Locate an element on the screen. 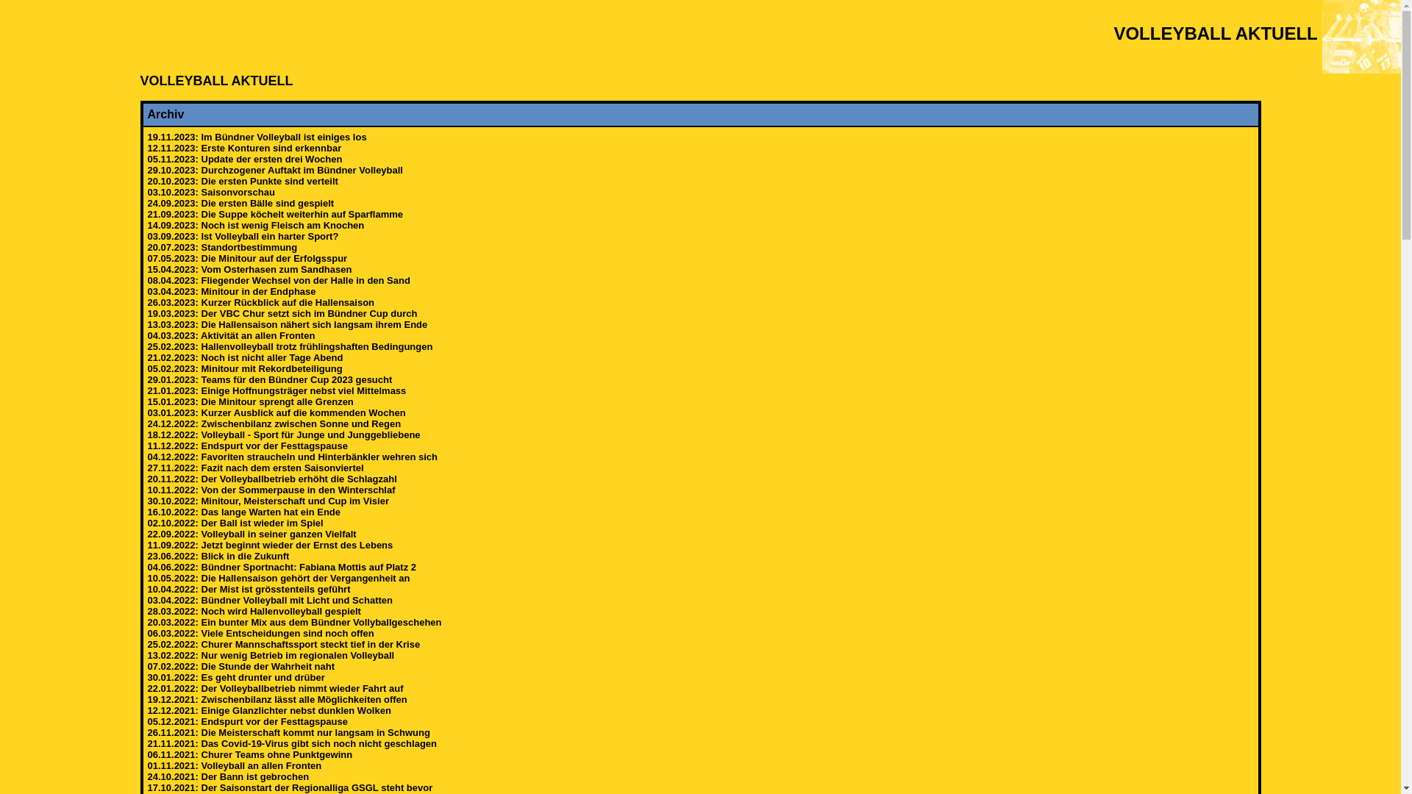 The width and height of the screenshot is (1412, 794). '12.12.2021: Einige Glanzlichter nebst dunklen Wolken' is located at coordinates (268, 709).